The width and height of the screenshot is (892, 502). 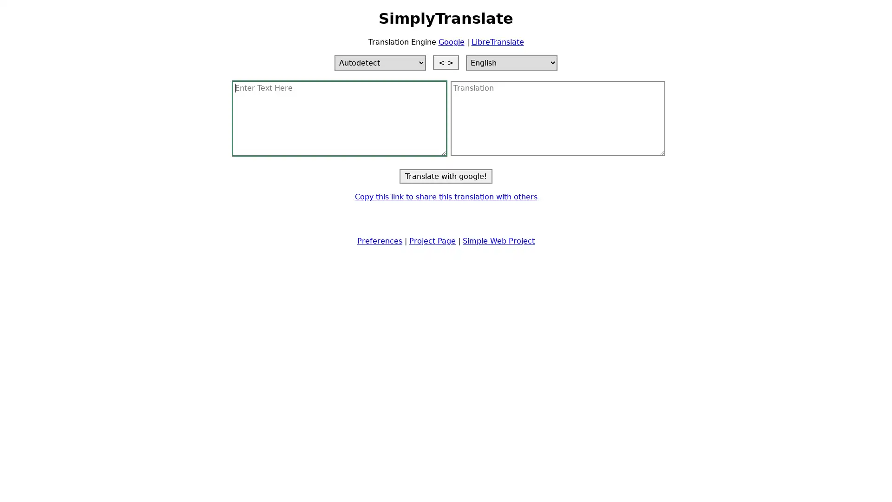 What do you see at coordinates (446, 62) in the screenshot?
I see `Switch languages` at bounding box center [446, 62].